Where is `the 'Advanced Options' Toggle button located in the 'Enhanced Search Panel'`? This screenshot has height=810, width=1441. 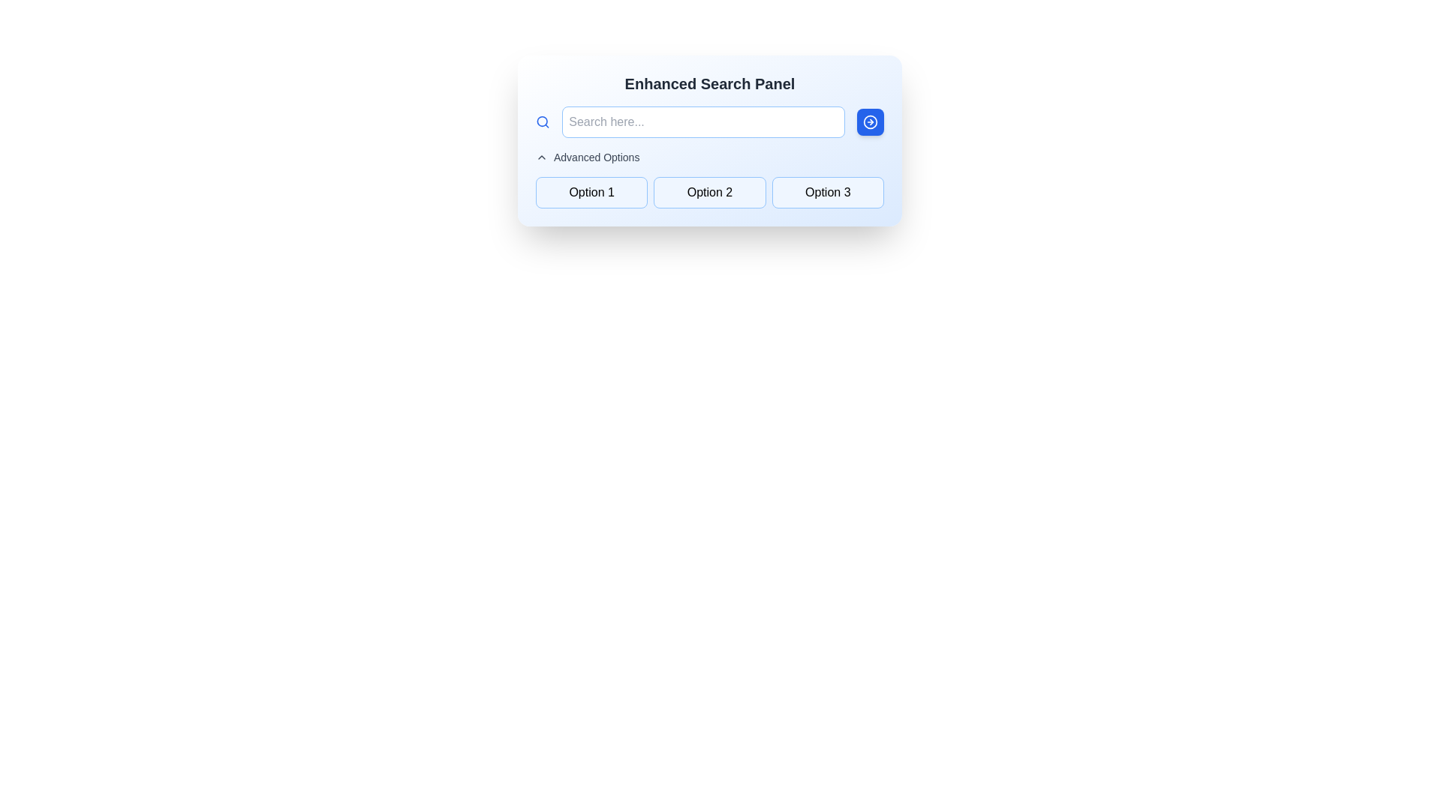 the 'Advanced Options' Toggle button located in the 'Enhanced Search Panel' is located at coordinates (587, 157).